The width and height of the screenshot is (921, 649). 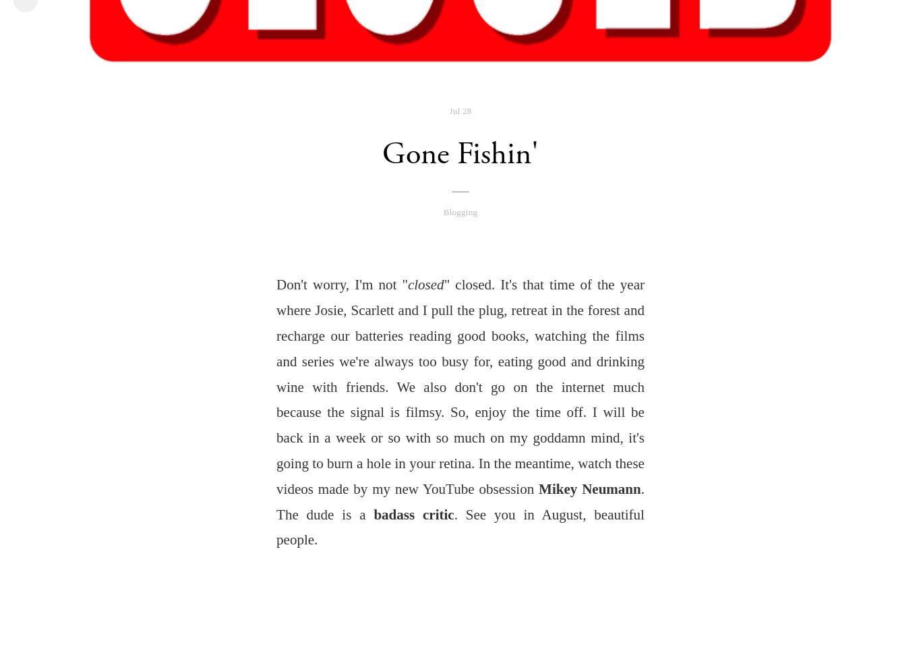 I want to click on '. See you in August, beautiful people.', so click(x=459, y=526).